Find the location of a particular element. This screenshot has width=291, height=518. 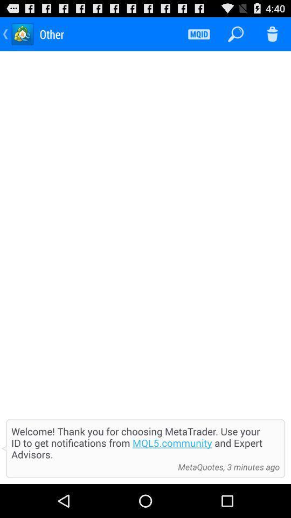

icon to the left of the metaquotes 3 minutes app is located at coordinates (92, 466).